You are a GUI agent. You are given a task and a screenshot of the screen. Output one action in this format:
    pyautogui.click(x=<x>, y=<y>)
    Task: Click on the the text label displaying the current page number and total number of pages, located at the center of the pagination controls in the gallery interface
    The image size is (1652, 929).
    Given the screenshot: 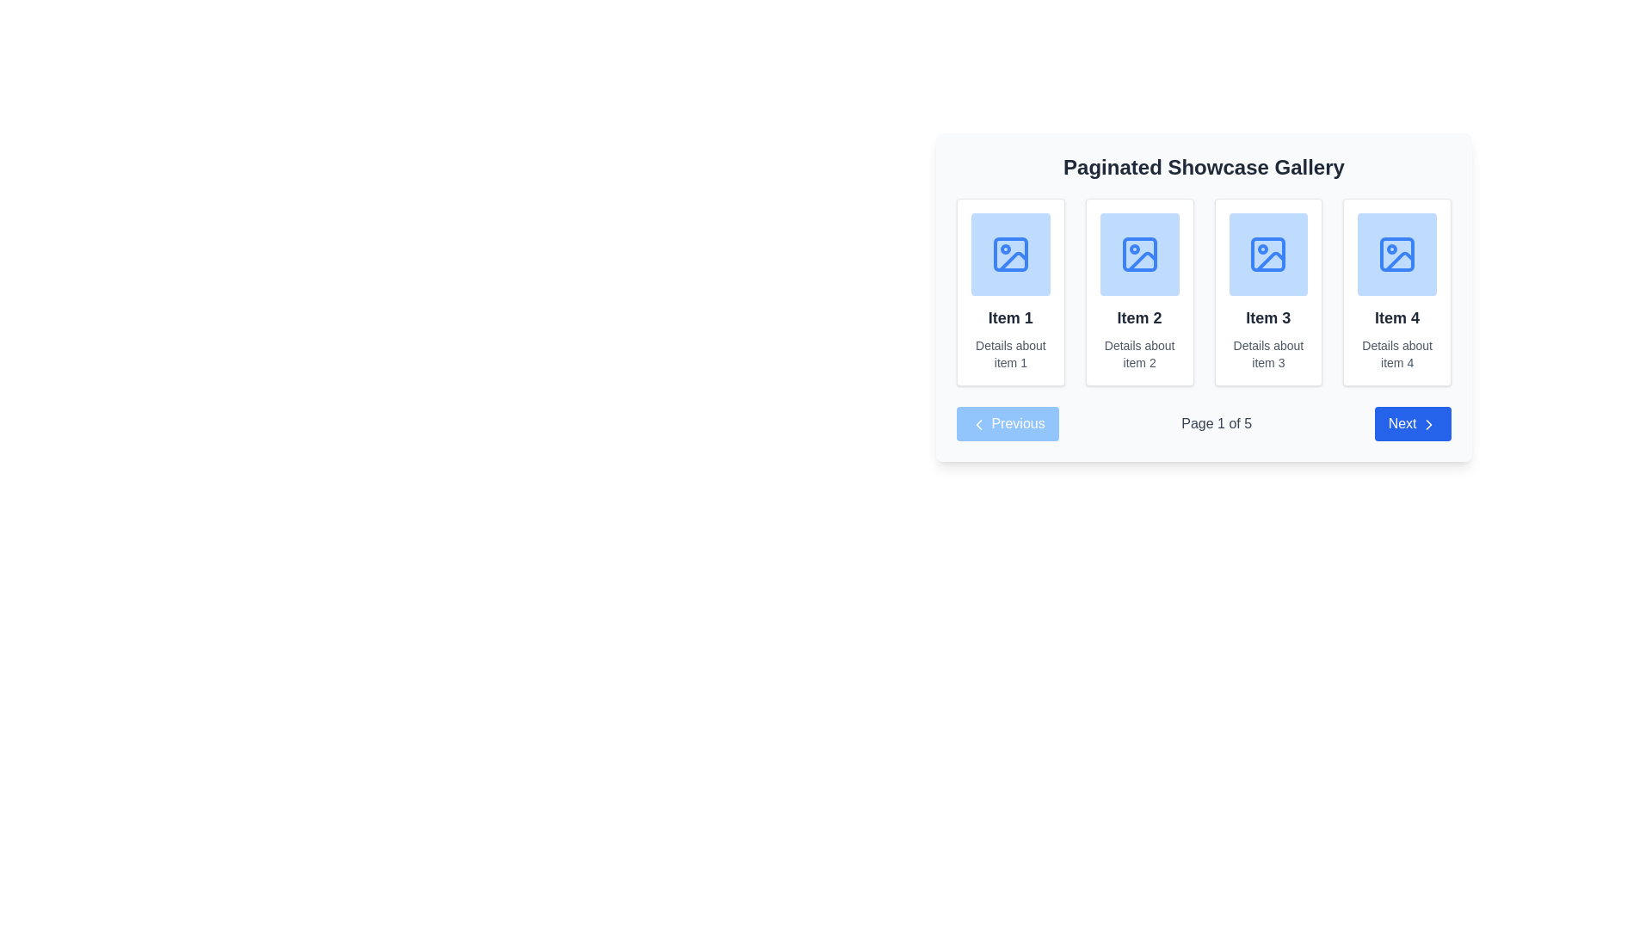 What is the action you would take?
    pyautogui.click(x=1216, y=424)
    